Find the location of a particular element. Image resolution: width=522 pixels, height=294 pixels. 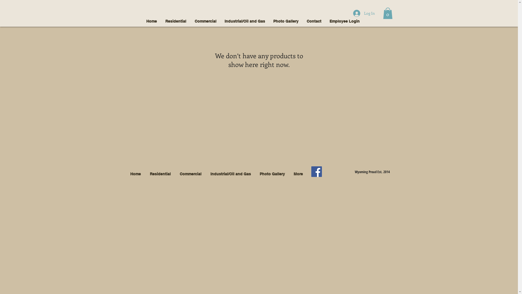

'Employee Login' is located at coordinates (344, 21).